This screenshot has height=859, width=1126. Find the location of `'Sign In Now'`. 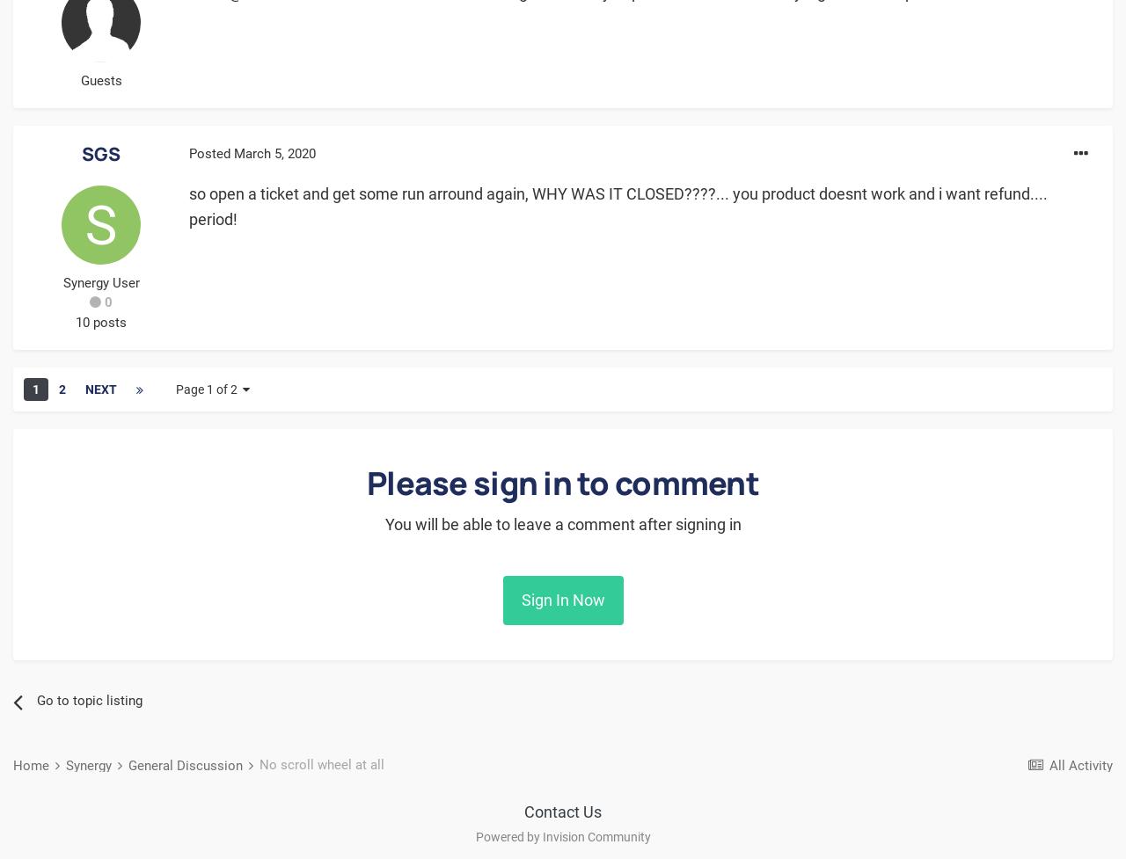

'Sign In Now' is located at coordinates (561, 600).